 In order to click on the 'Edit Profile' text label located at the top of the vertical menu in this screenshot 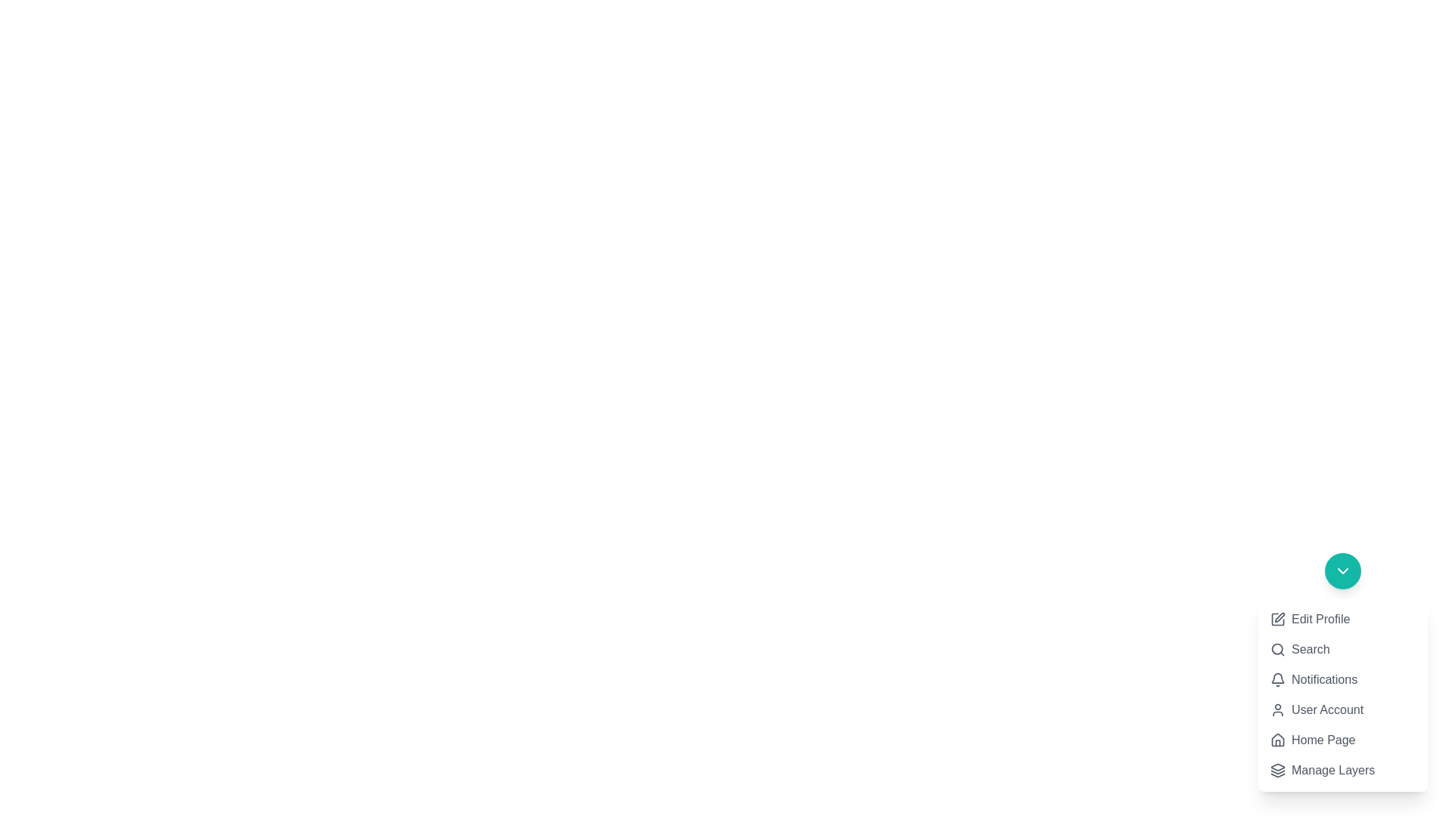, I will do `click(1320, 620)`.